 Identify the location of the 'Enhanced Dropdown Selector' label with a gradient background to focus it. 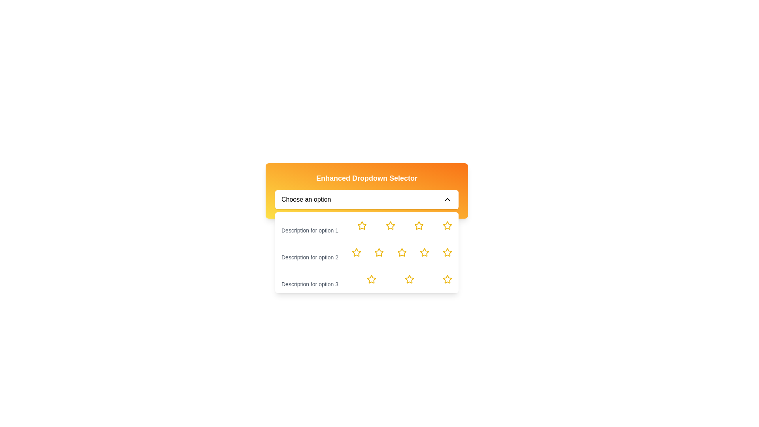
(366, 191).